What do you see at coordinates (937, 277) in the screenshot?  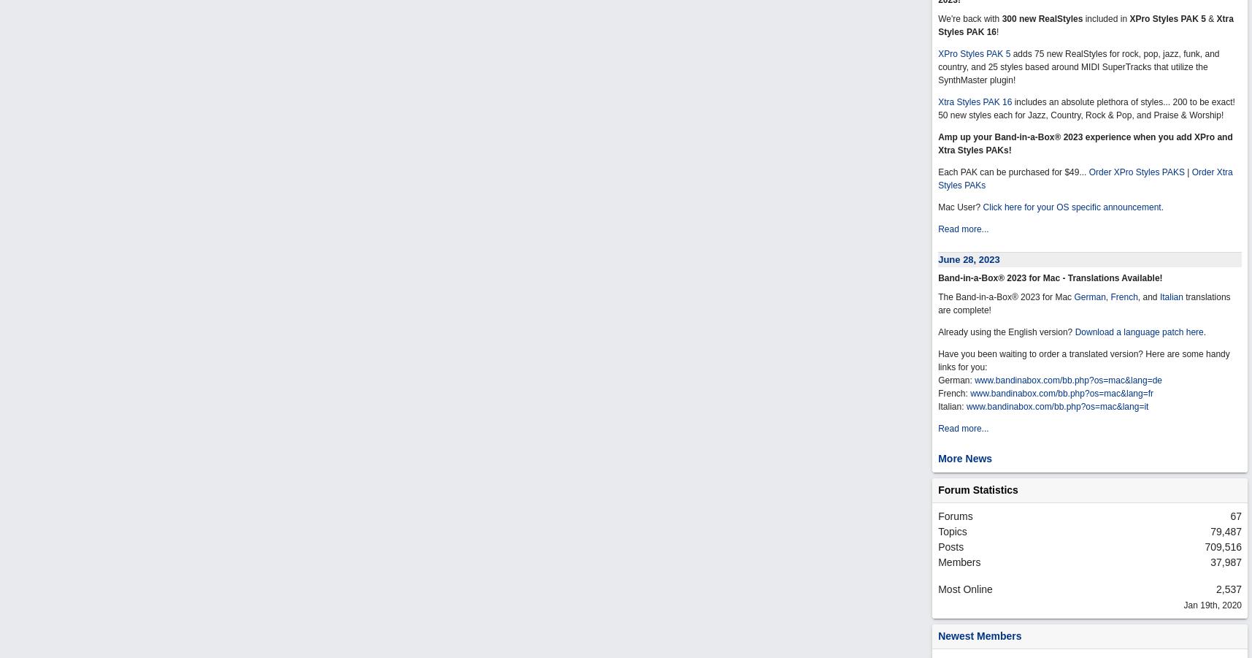 I see `'Band-in-a-Box® 2023 for Mac - Translations Available!'` at bounding box center [937, 277].